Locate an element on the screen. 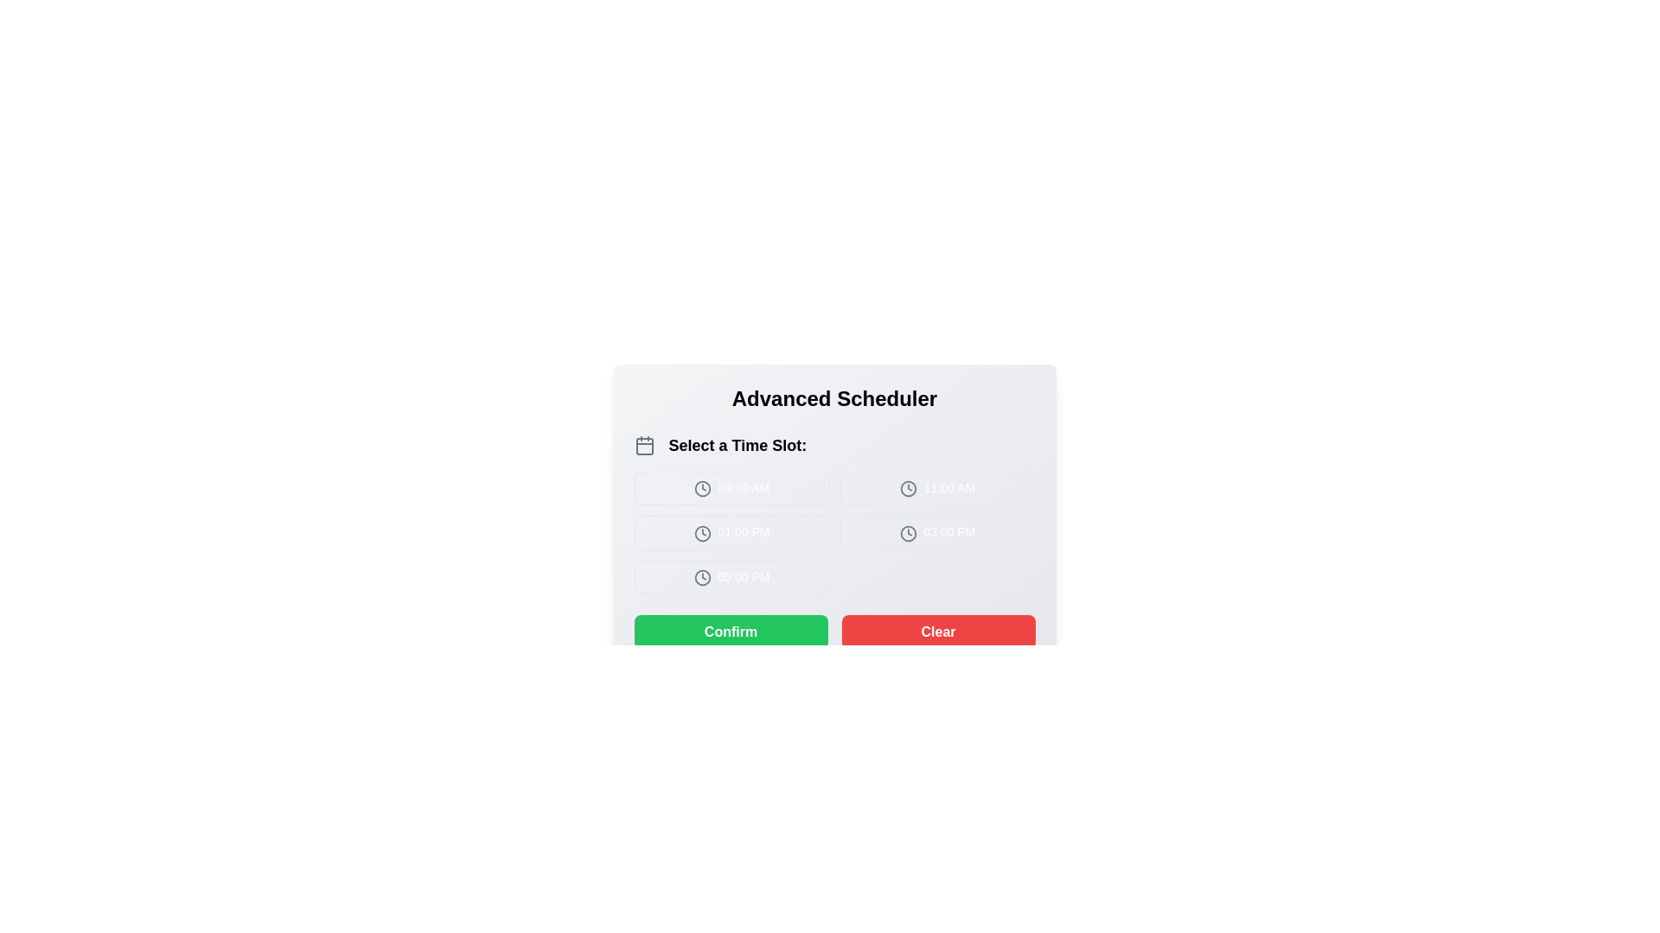  the circular gray clock icon located to the left of the text '01:00 PM' in the time slot selection section is located at coordinates (702, 532).